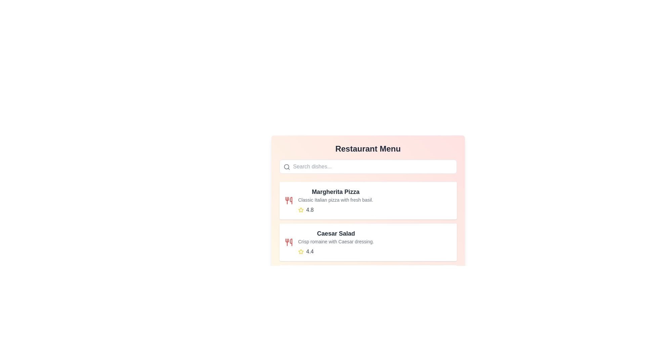 This screenshot has width=645, height=363. What do you see at coordinates (300, 209) in the screenshot?
I see `the star icon used for rating, located` at bounding box center [300, 209].